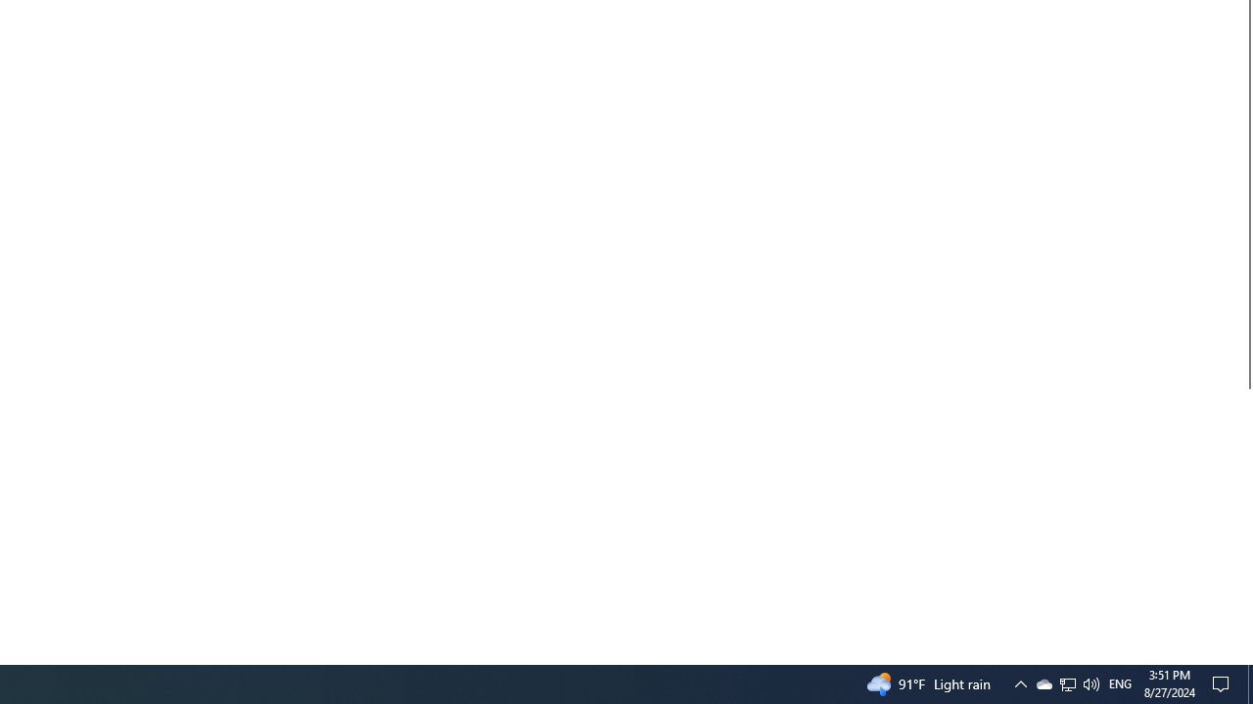 This screenshot has height=704, width=1253. I want to click on 'Q2790: 100%', so click(1090, 682).